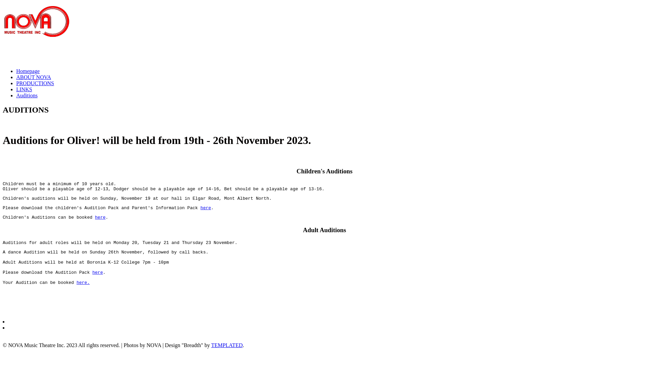  What do you see at coordinates (27, 95) in the screenshot?
I see `'Auditions'` at bounding box center [27, 95].